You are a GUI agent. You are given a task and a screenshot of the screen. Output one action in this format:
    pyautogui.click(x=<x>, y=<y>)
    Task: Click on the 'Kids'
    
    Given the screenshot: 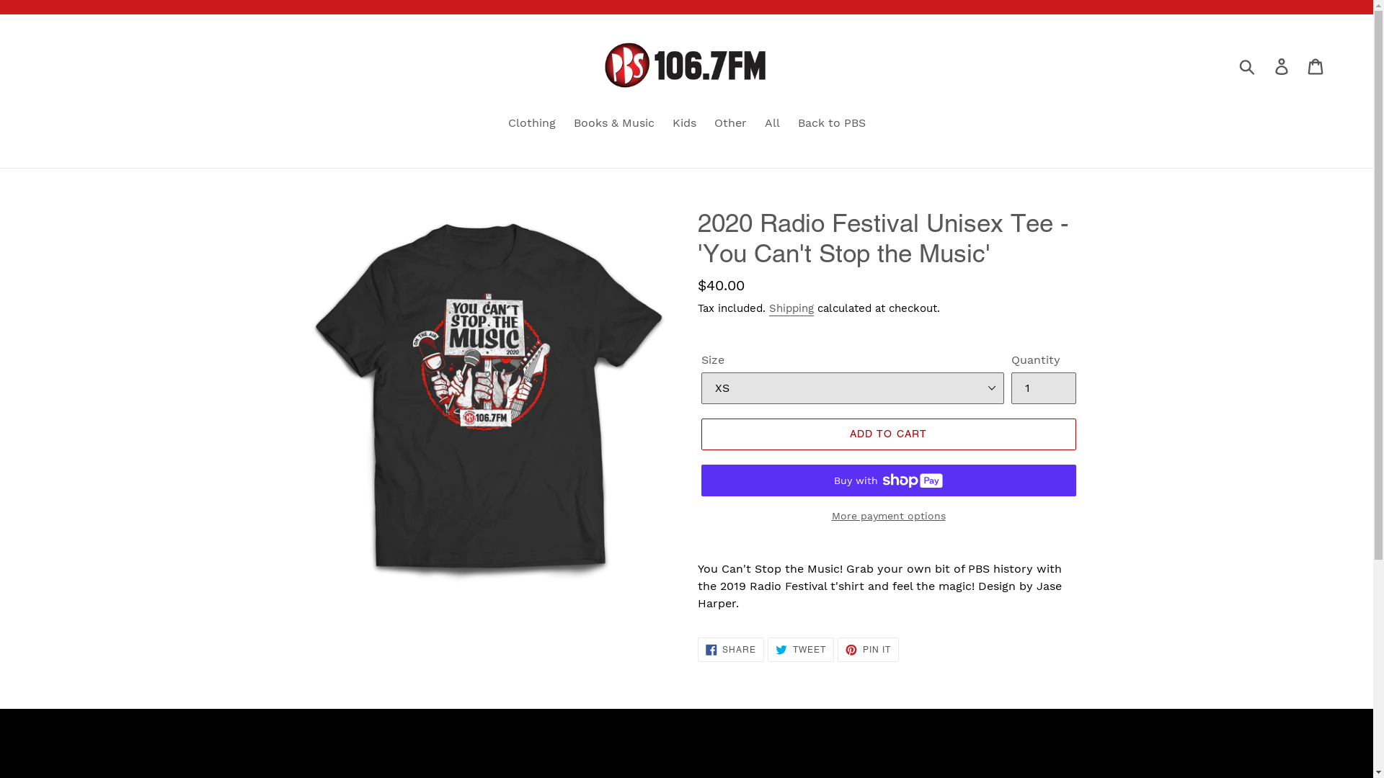 What is the action you would take?
    pyautogui.click(x=683, y=123)
    